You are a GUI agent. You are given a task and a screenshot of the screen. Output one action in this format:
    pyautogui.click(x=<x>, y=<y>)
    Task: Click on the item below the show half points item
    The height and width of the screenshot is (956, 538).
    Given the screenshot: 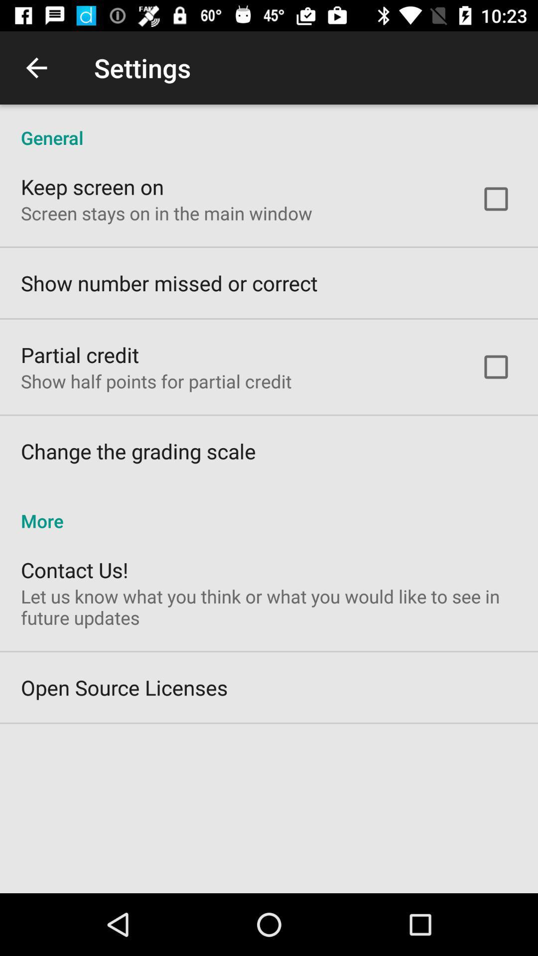 What is the action you would take?
    pyautogui.click(x=138, y=451)
    